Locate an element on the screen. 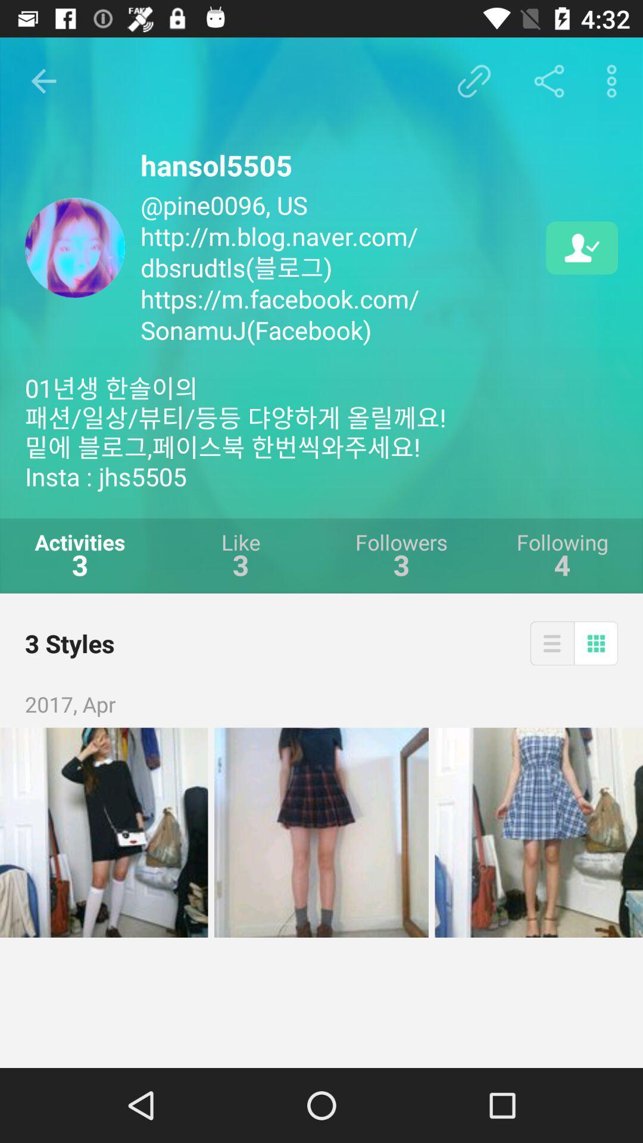  item to the right of the pine0096 us http is located at coordinates (581, 247).